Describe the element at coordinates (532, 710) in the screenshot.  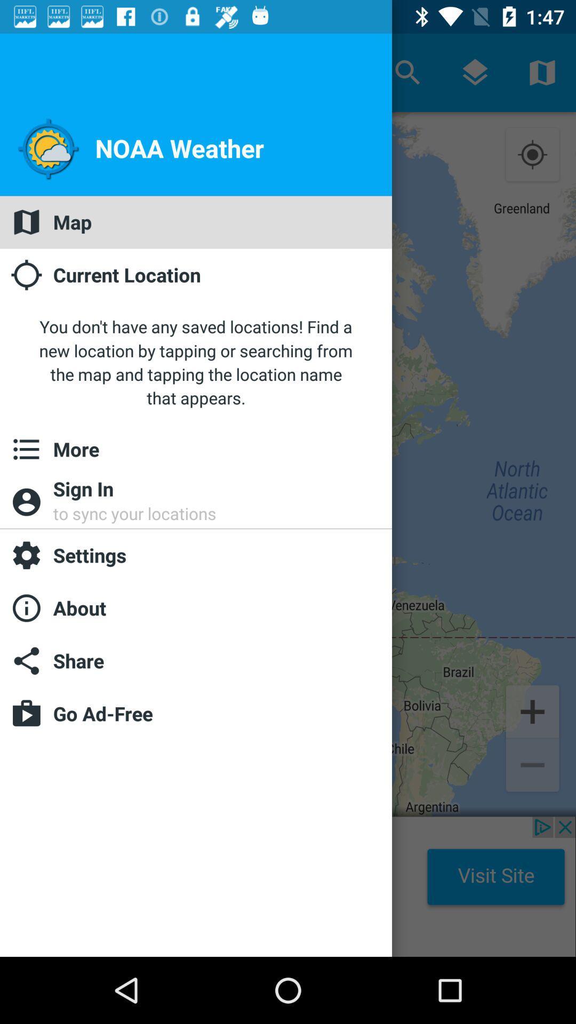
I see `the add icon` at that location.